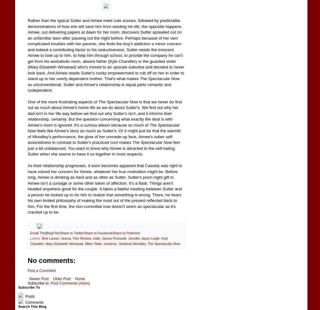 Image resolution: width=320 pixels, height=310 pixels. What do you see at coordinates (128, 238) in the screenshot?
I see `'Jennifer Jason Leigh'` at bounding box center [128, 238].